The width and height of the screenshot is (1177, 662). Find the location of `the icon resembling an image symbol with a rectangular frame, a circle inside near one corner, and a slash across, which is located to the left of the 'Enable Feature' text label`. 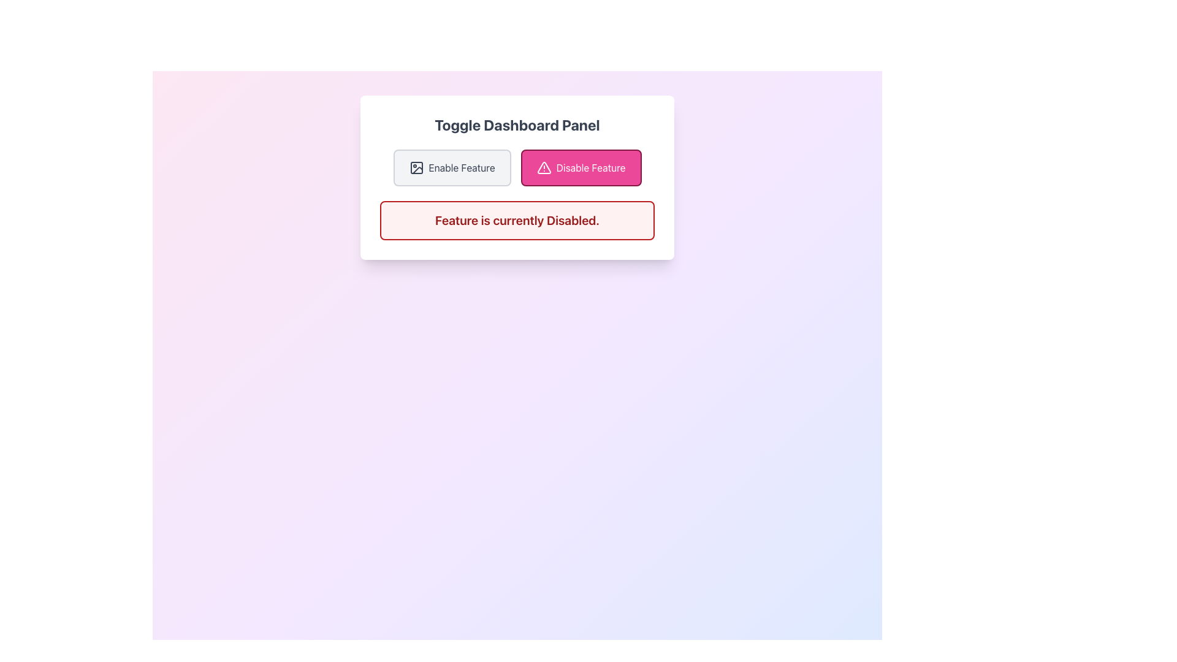

the icon resembling an image symbol with a rectangular frame, a circle inside near one corner, and a slash across, which is located to the left of the 'Enable Feature' text label is located at coordinates (416, 167).